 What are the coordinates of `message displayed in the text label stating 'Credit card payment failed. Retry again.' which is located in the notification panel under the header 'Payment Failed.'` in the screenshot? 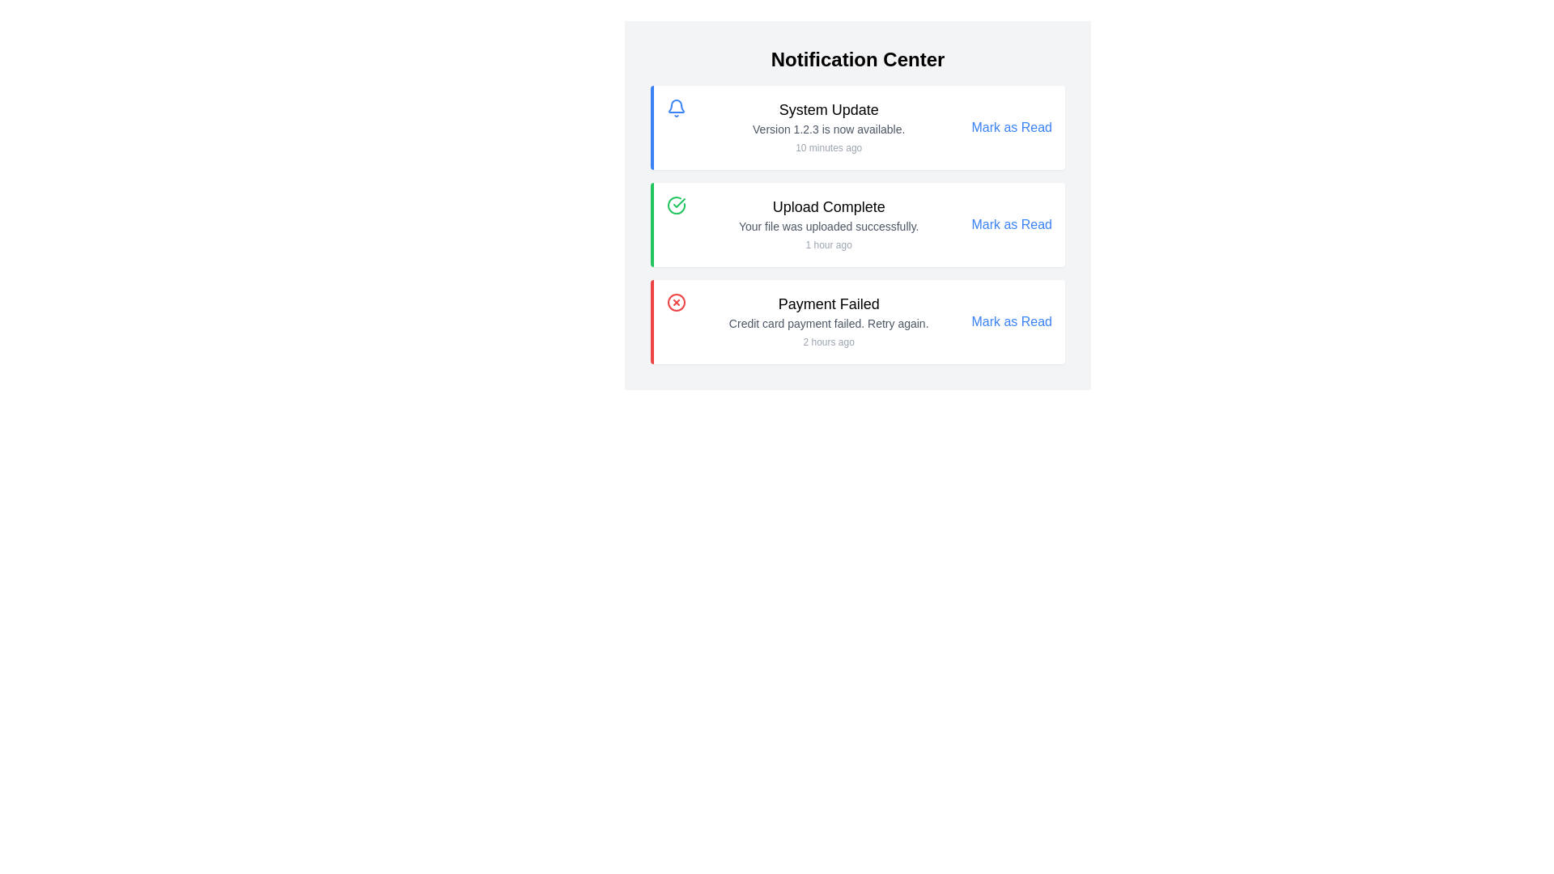 It's located at (829, 324).